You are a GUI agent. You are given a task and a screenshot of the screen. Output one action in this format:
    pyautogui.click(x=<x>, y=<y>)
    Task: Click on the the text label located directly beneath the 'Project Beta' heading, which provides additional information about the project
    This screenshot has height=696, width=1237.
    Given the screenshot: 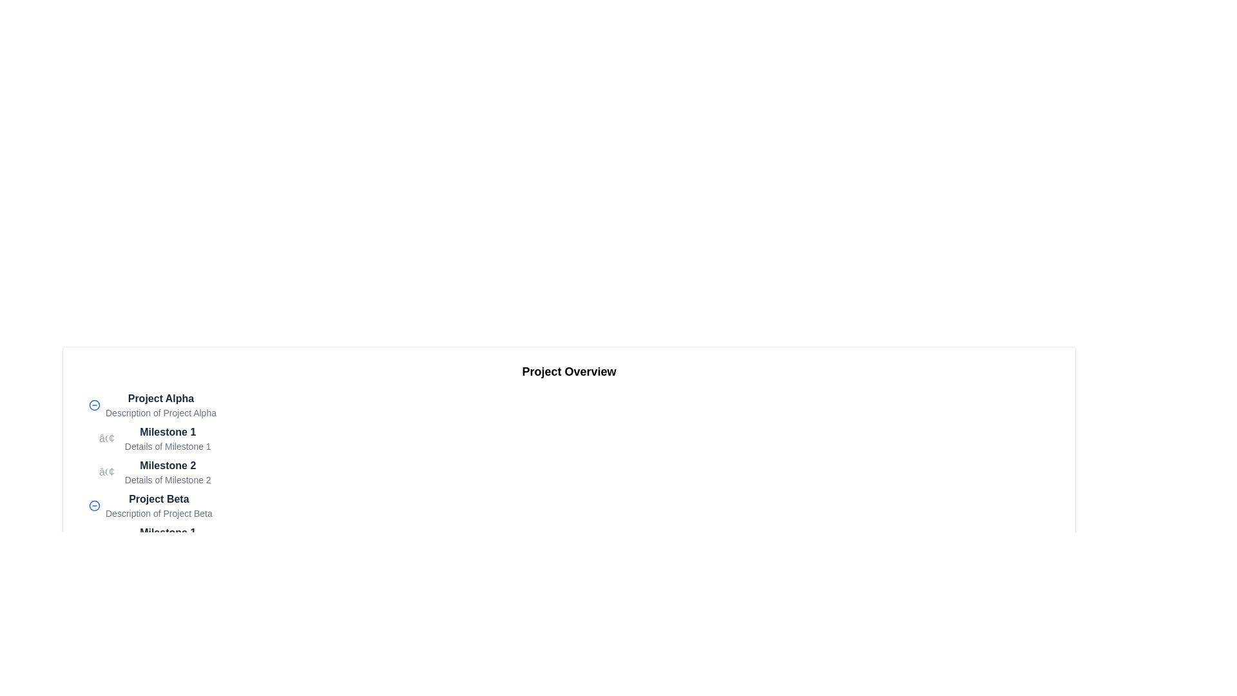 What is the action you would take?
    pyautogui.click(x=158, y=513)
    